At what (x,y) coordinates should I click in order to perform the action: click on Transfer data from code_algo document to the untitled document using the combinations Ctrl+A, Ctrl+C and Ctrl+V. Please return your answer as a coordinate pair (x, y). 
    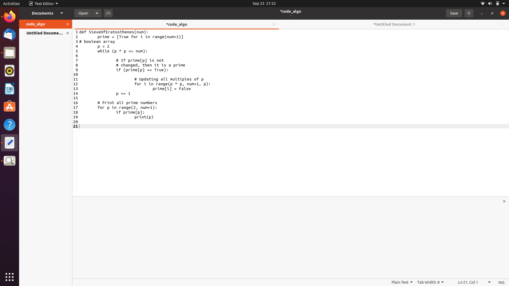
    Looking at the image, I should click on (102, 42).